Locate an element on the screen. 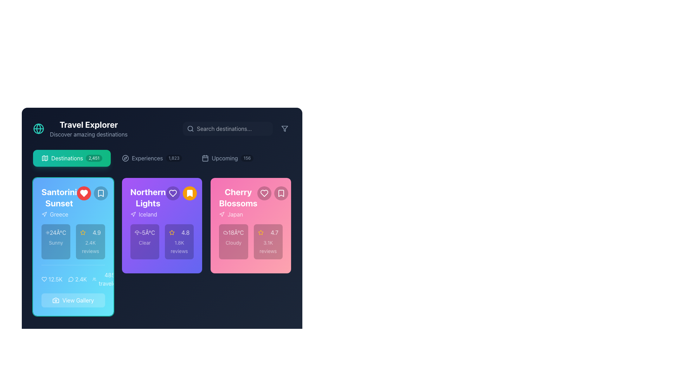 This screenshot has width=675, height=379. the 'Cherry Blossoms' informational card, which is the third card in a grid is located at coordinates (251, 246).